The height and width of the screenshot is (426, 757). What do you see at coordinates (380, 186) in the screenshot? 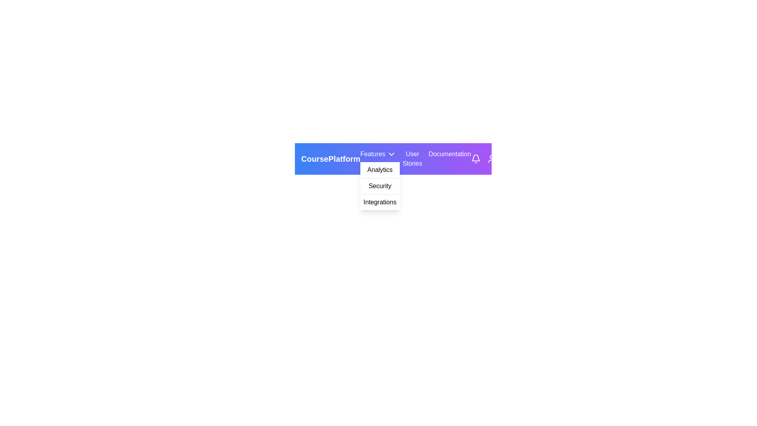
I see `the 'Security' option in the dropdown menu under the 'Features' category, which is styled with a white background and black text` at bounding box center [380, 186].